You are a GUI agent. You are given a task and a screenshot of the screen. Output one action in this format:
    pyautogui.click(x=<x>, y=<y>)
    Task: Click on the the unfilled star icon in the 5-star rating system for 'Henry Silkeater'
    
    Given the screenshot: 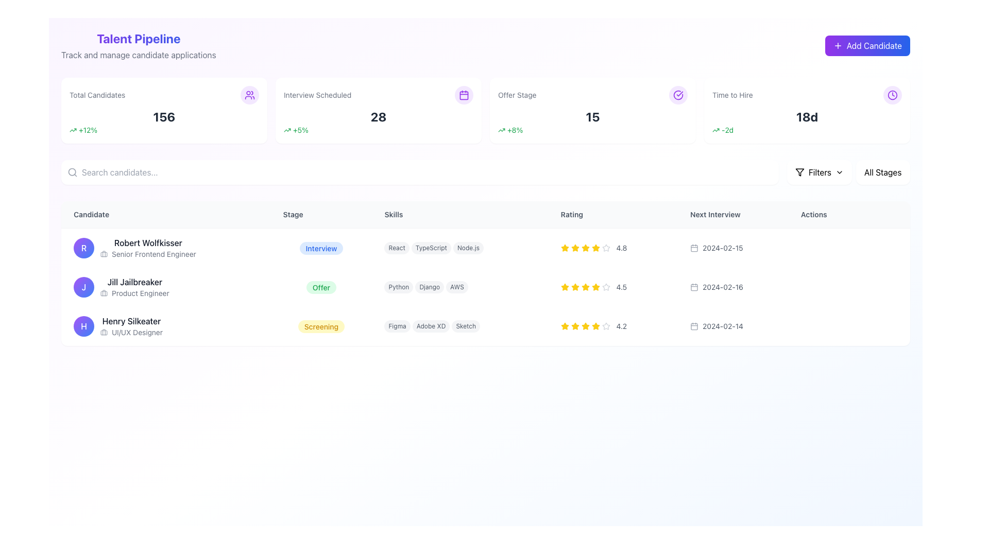 What is the action you would take?
    pyautogui.click(x=606, y=326)
    